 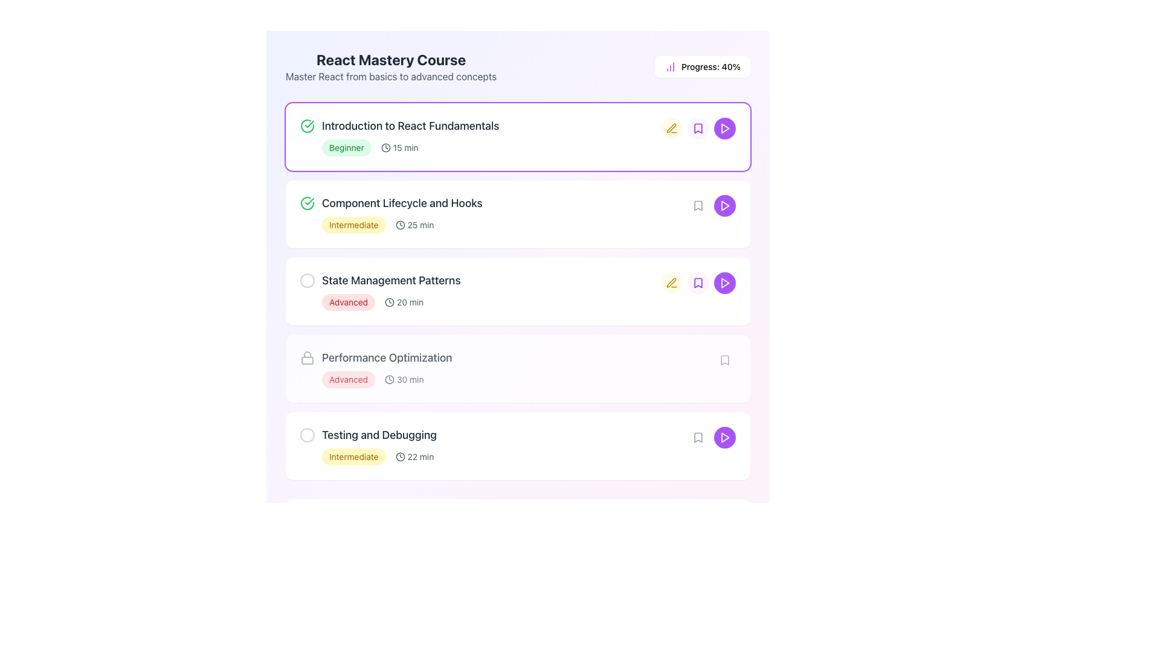 I want to click on the circular outline of the clock icon, which serves as the outer boundary in the 'Component Lifecycle and Hooks' section of the course interface, so click(x=400, y=225).